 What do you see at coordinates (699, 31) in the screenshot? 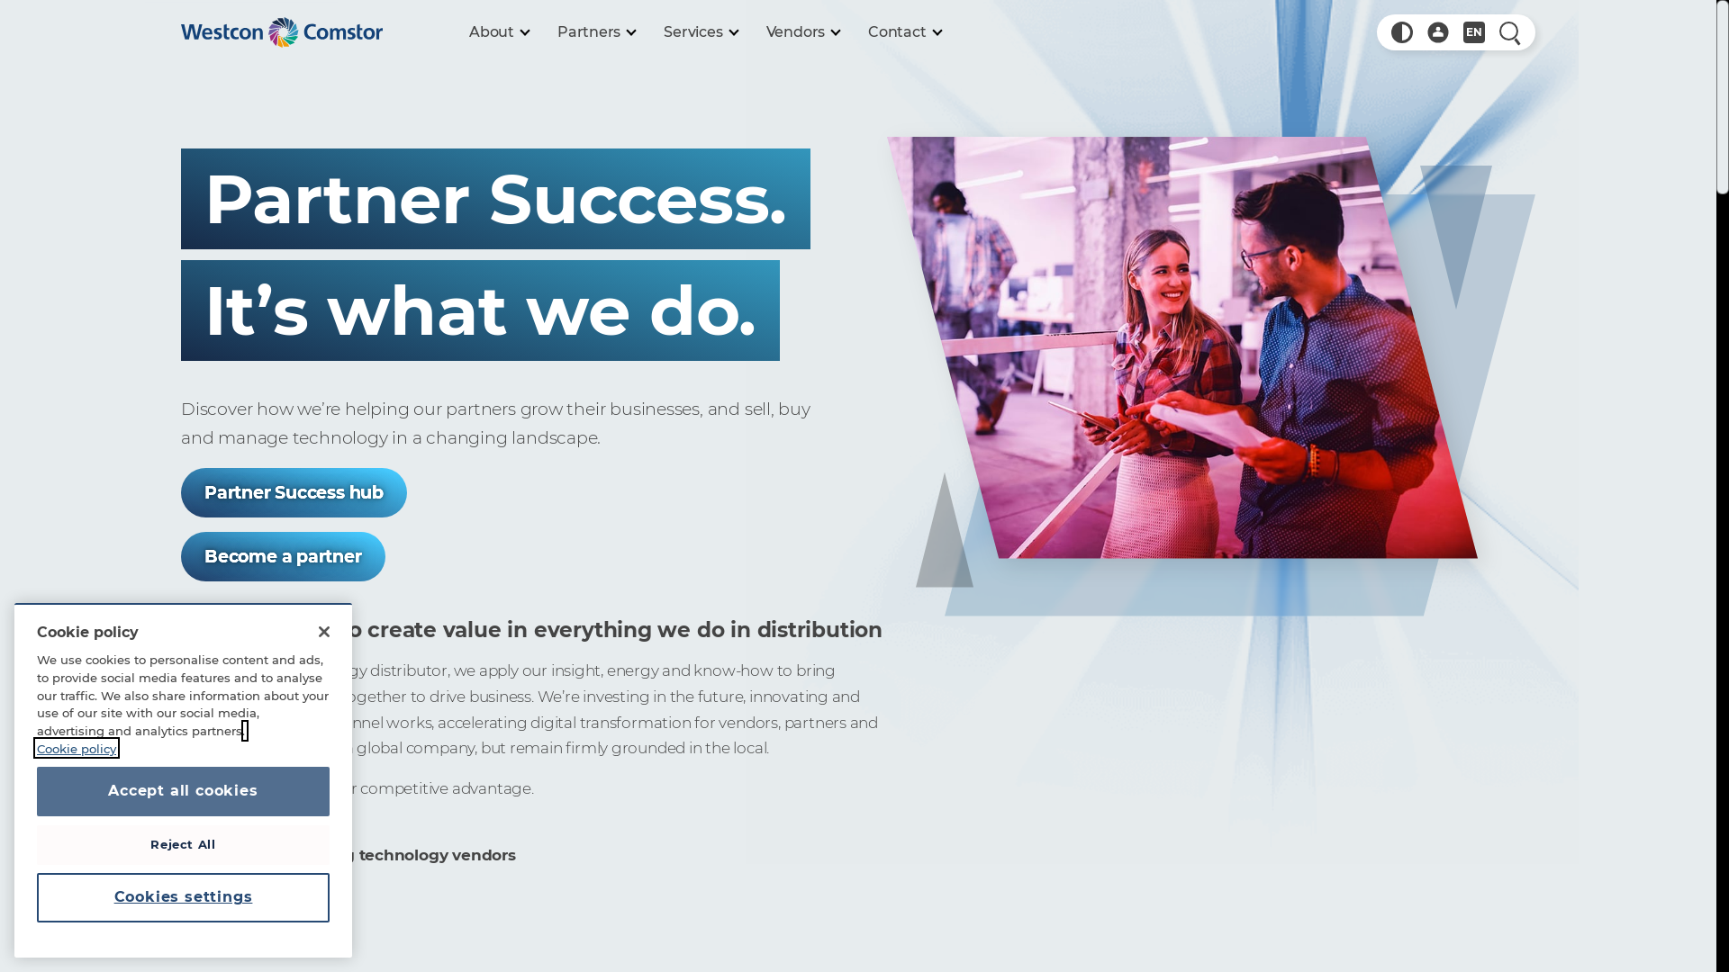
I see `'Services'` at bounding box center [699, 31].